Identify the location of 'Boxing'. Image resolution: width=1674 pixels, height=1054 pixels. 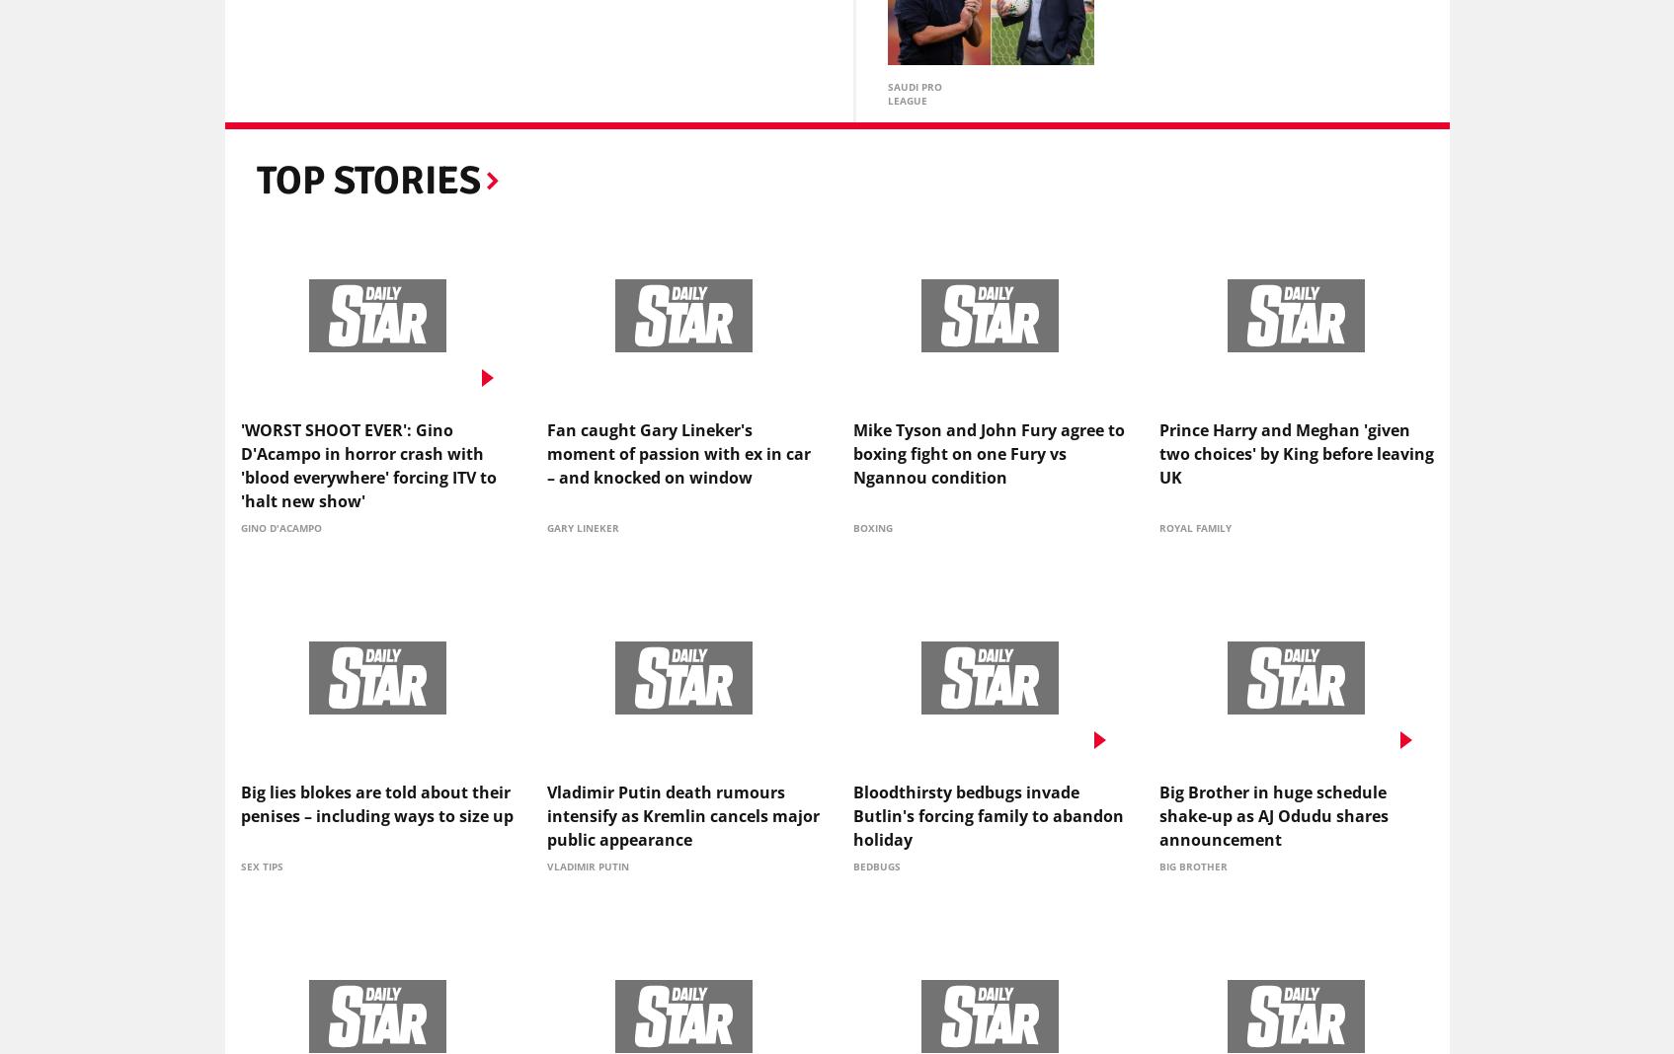
(870, 531).